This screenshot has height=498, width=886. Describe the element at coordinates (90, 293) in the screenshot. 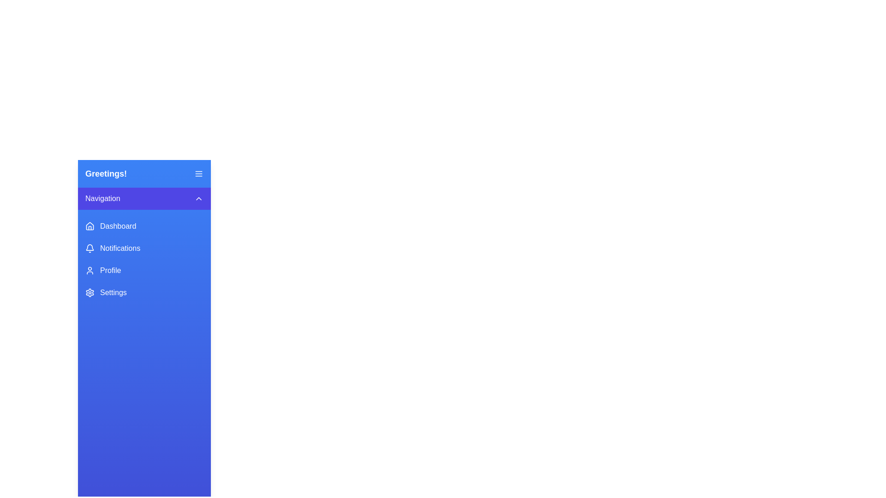

I see `the 'Settings' icon in the sidebar navigation menu, which is the fourth item from the top` at that location.